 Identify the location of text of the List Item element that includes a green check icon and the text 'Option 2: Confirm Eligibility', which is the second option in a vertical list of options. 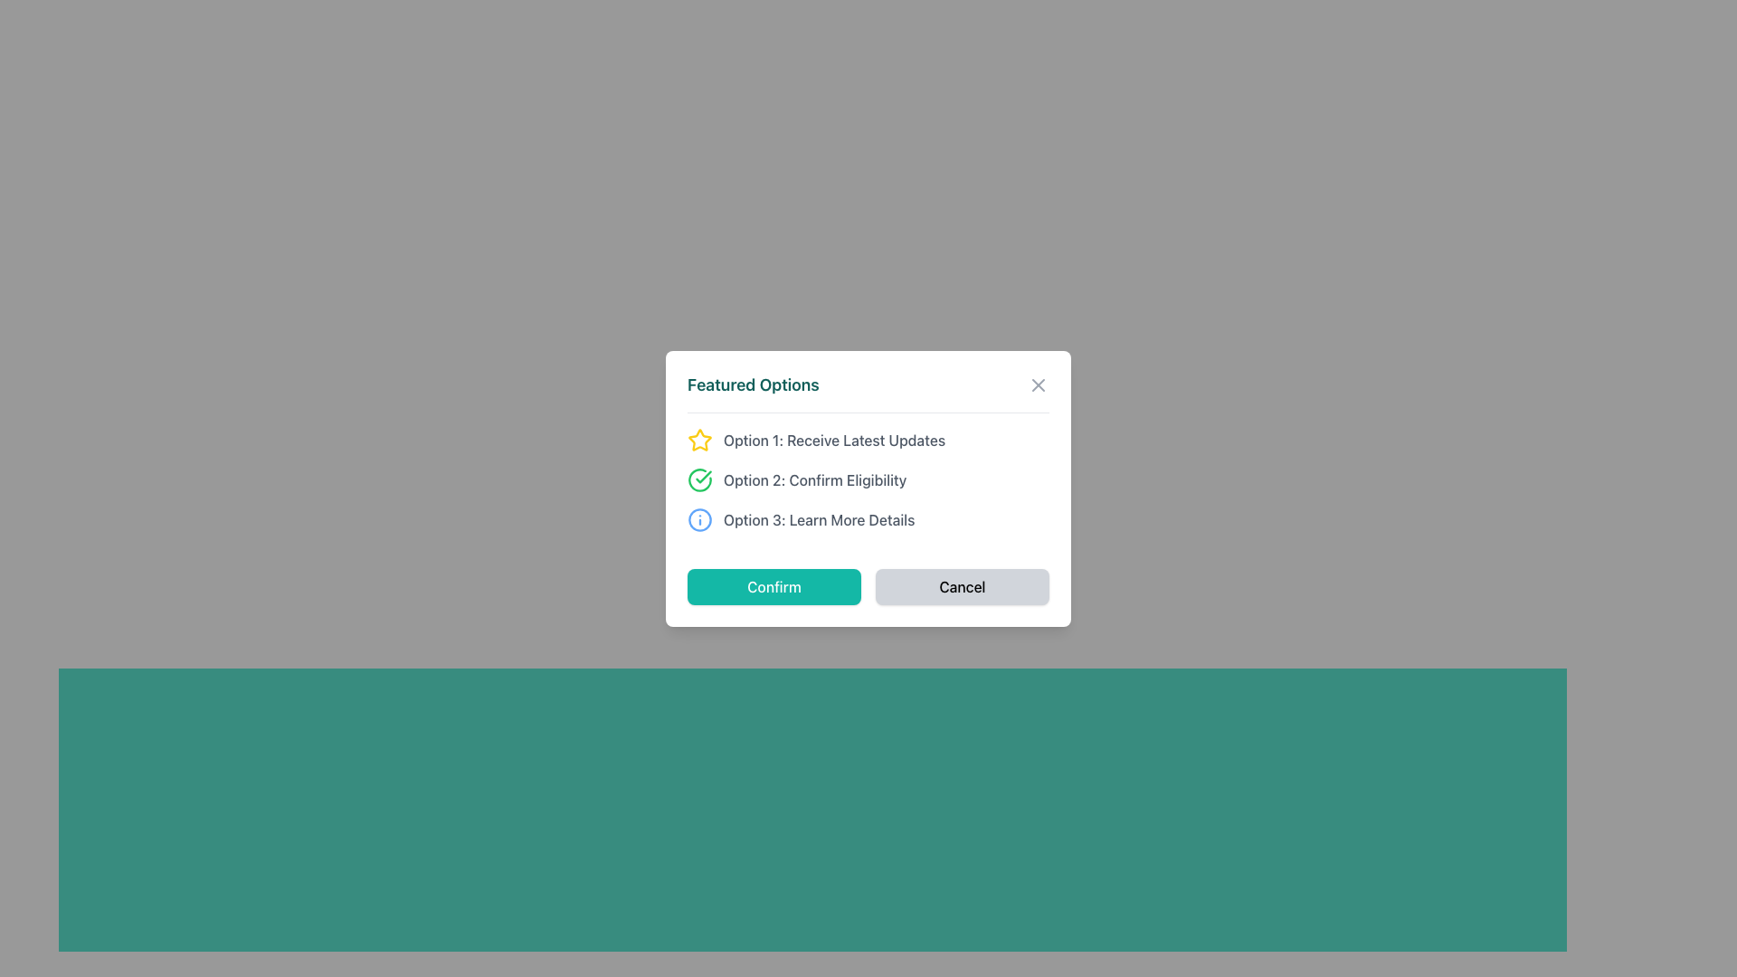
(868, 478).